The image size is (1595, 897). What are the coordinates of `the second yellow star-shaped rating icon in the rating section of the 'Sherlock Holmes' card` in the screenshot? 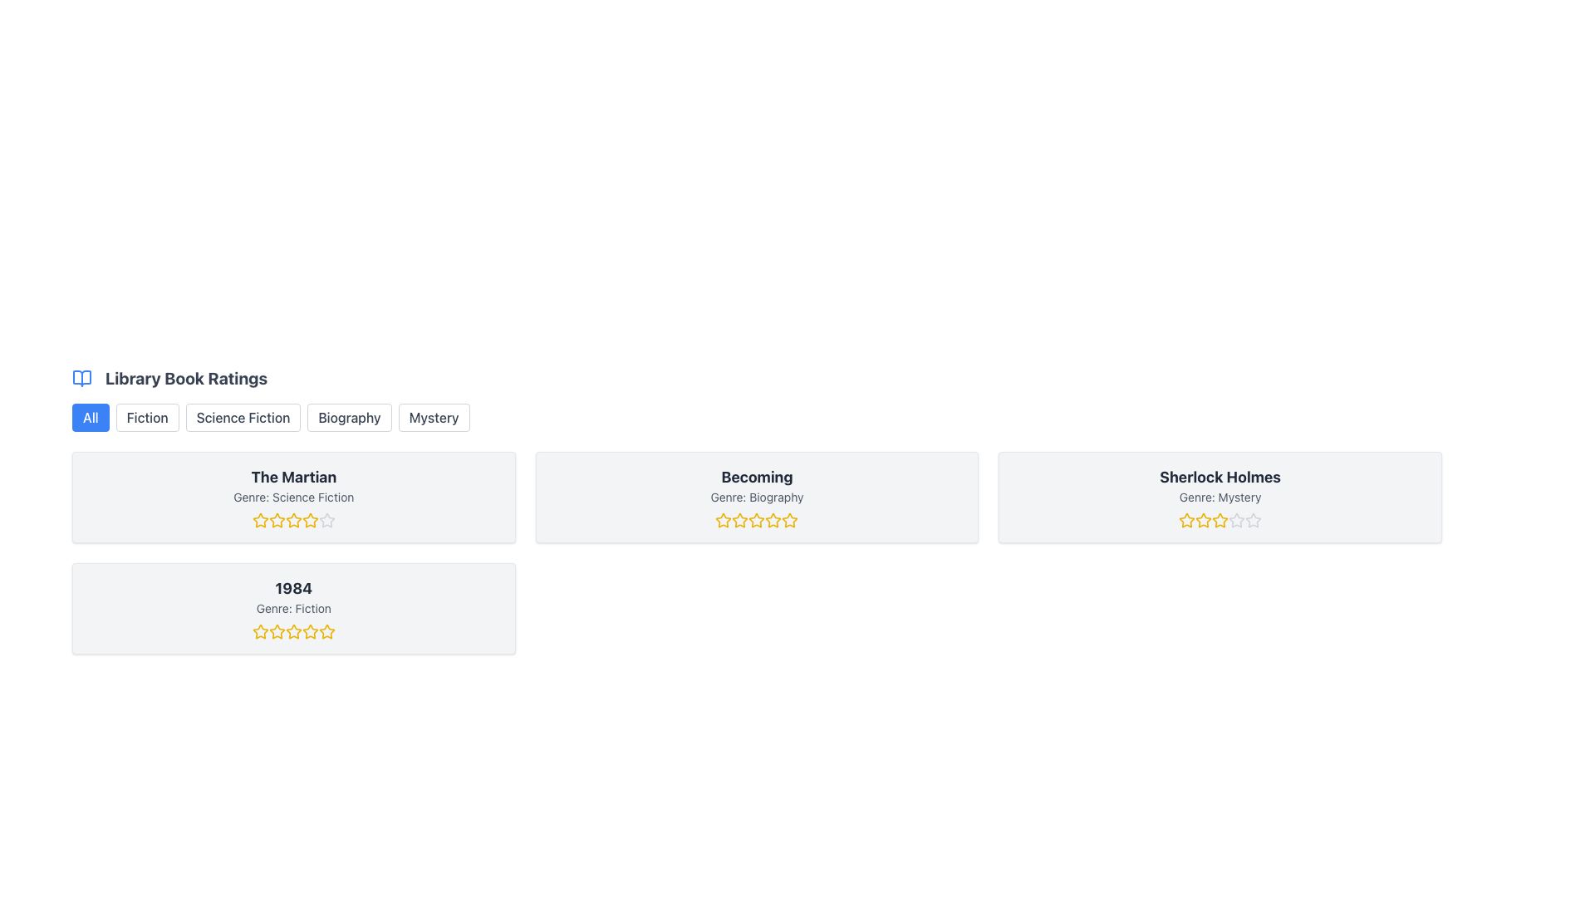 It's located at (1204, 519).